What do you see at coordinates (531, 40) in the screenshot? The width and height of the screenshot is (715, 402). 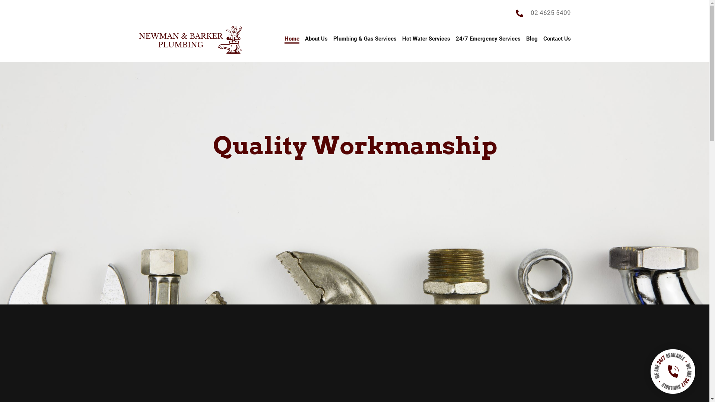 I see `'Blog'` at bounding box center [531, 40].